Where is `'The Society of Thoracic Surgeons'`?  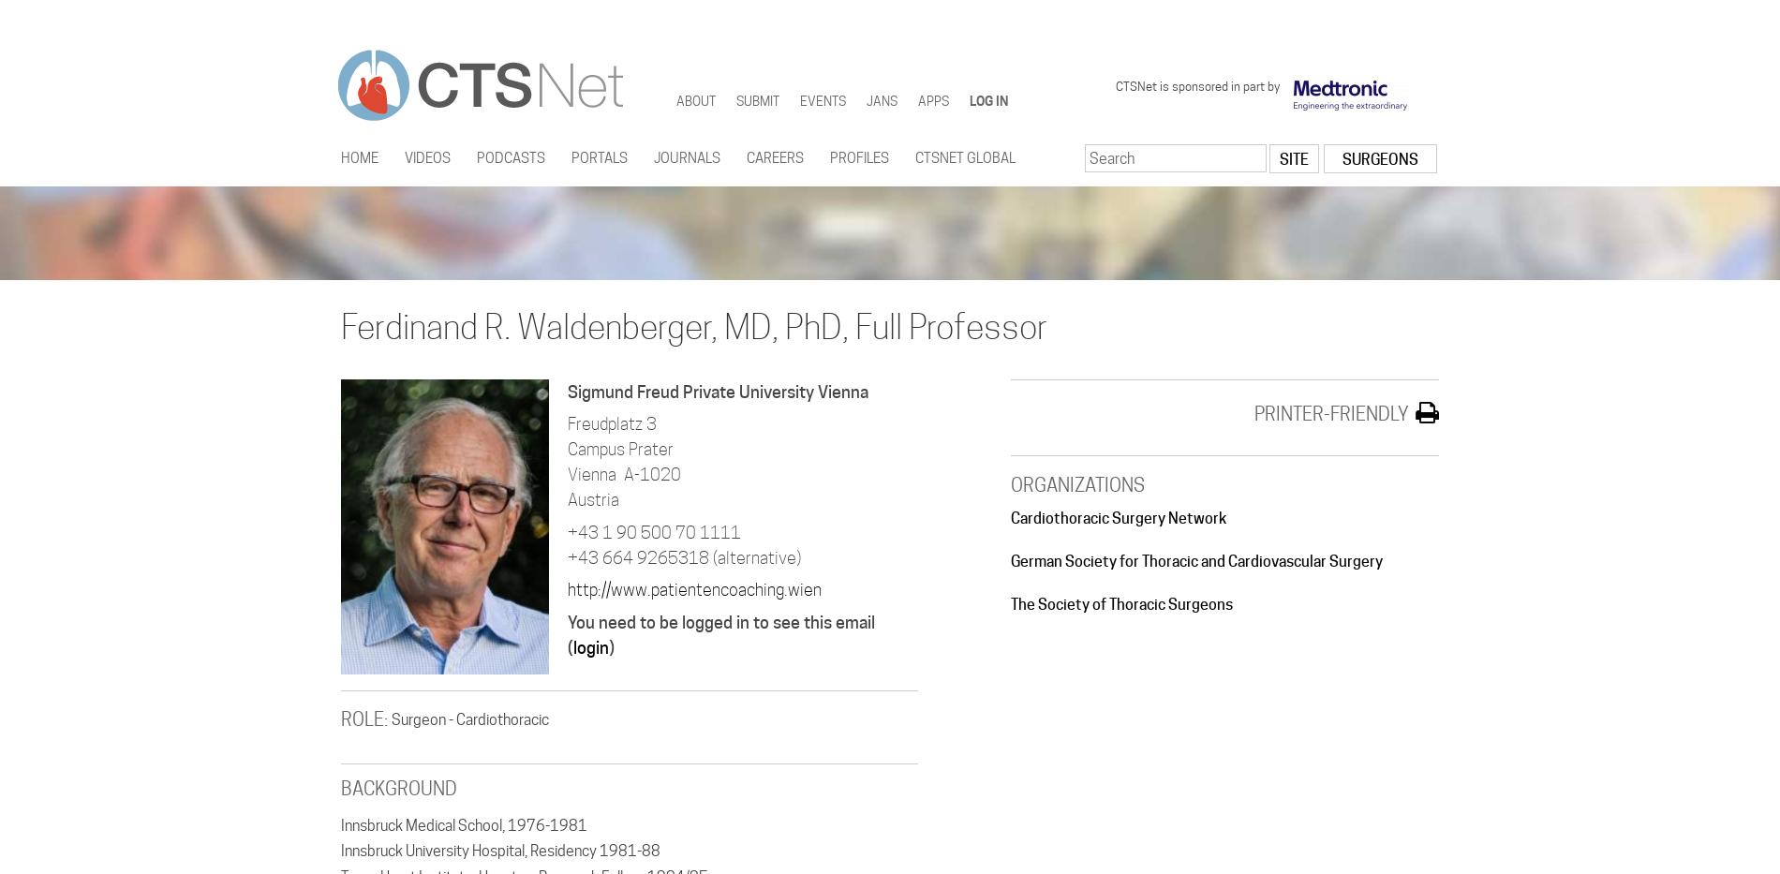
'The Society of Thoracic Surgeons' is located at coordinates (1120, 602).